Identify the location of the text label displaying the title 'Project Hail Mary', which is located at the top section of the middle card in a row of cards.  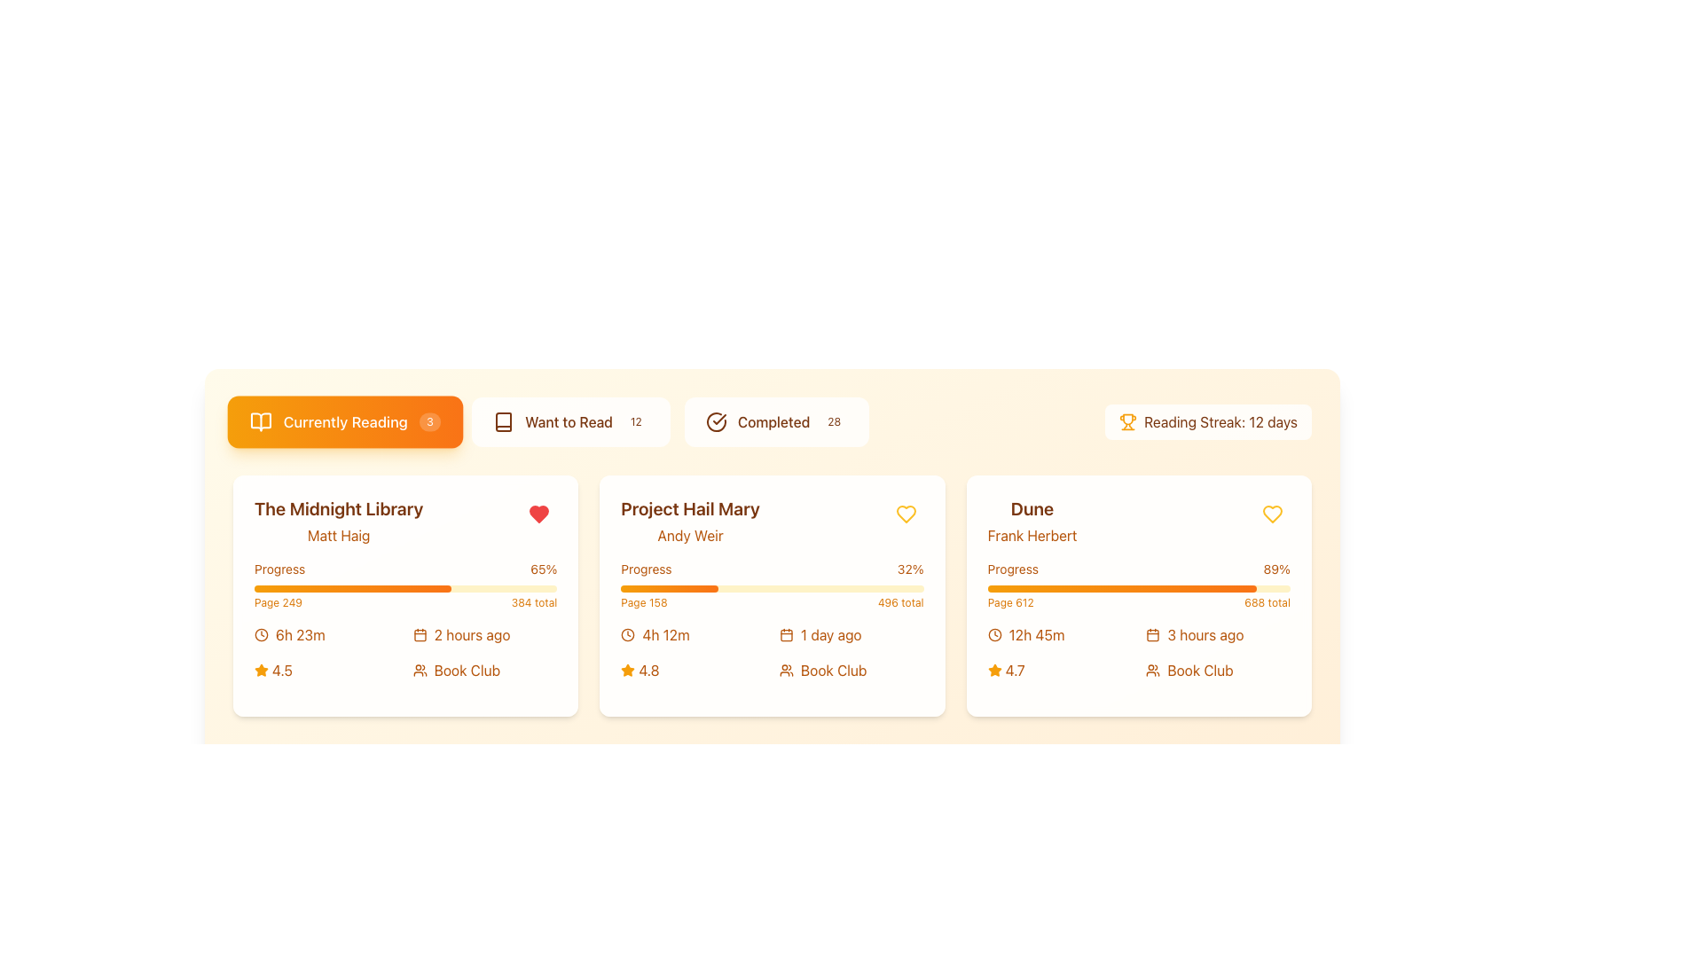
(689, 509).